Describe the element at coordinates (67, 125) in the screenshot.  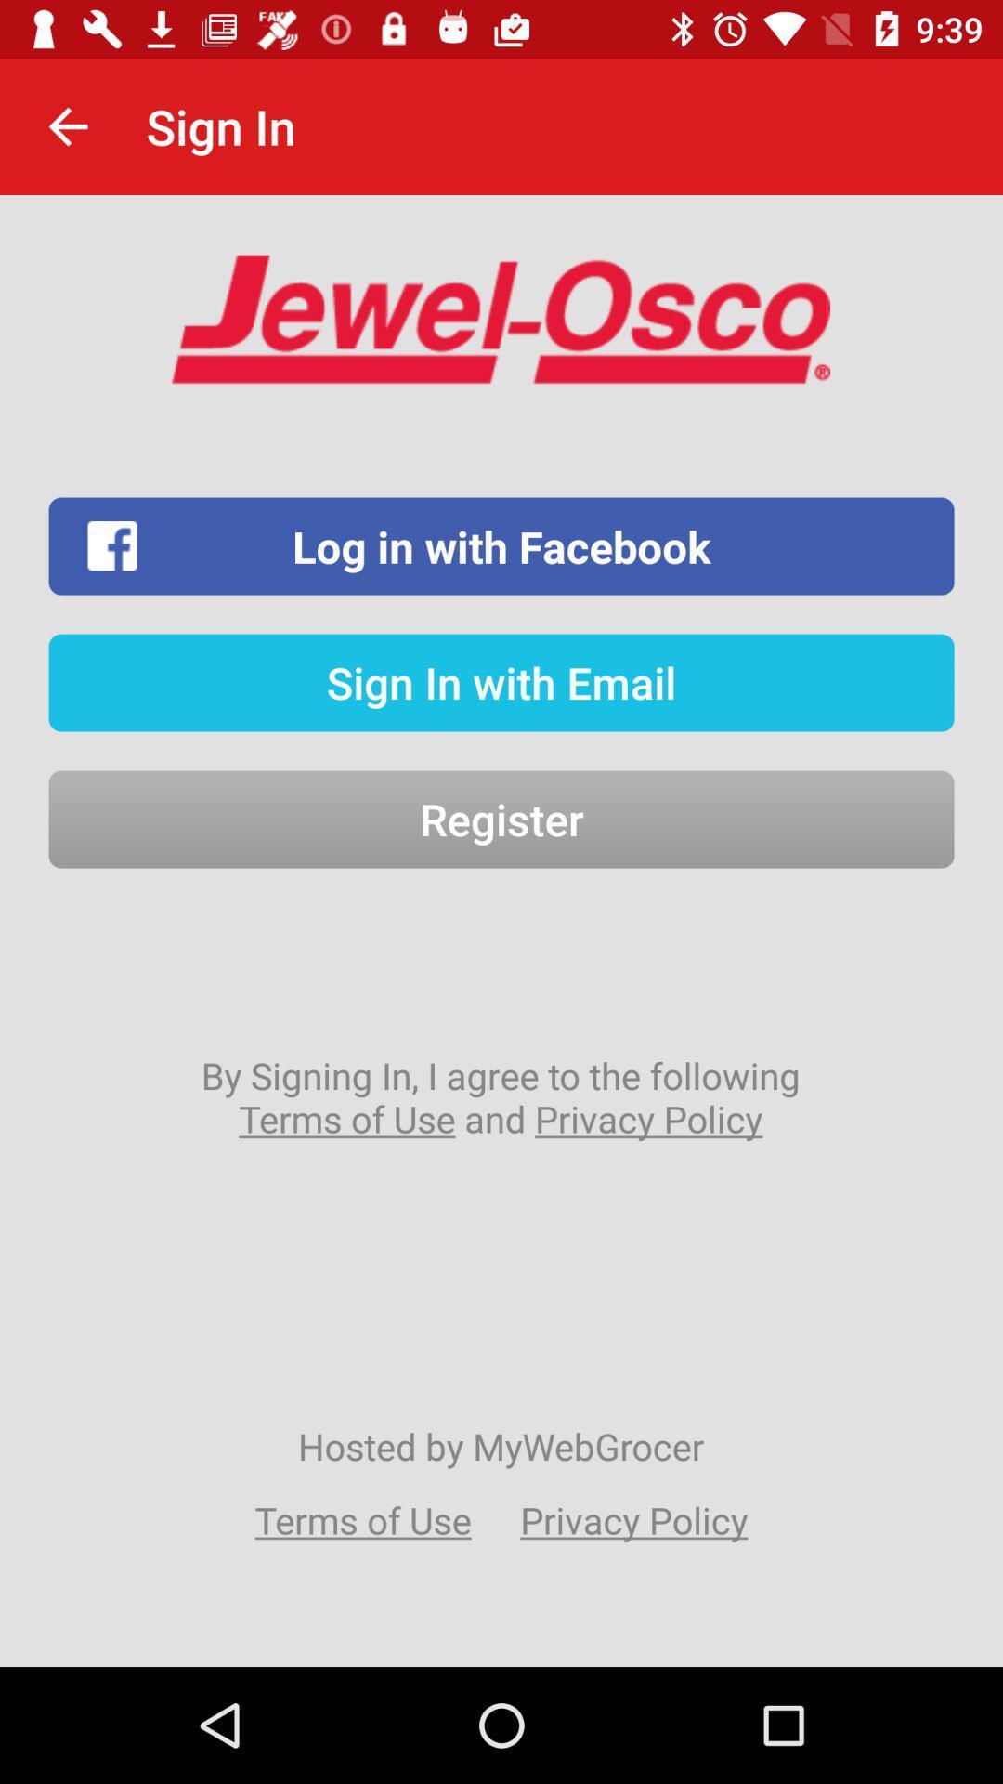
I see `the item to the left of the sign in` at that location.